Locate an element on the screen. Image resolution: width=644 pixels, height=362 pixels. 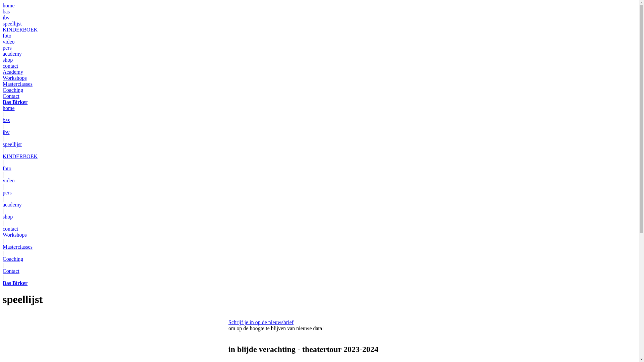
'Bas Birker' is located at coordinates (15, 283).